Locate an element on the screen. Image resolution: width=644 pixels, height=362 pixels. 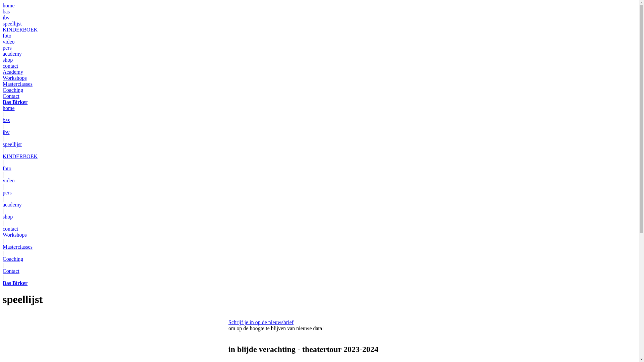
'Bas Birker' is located at coordinates (15, 283).